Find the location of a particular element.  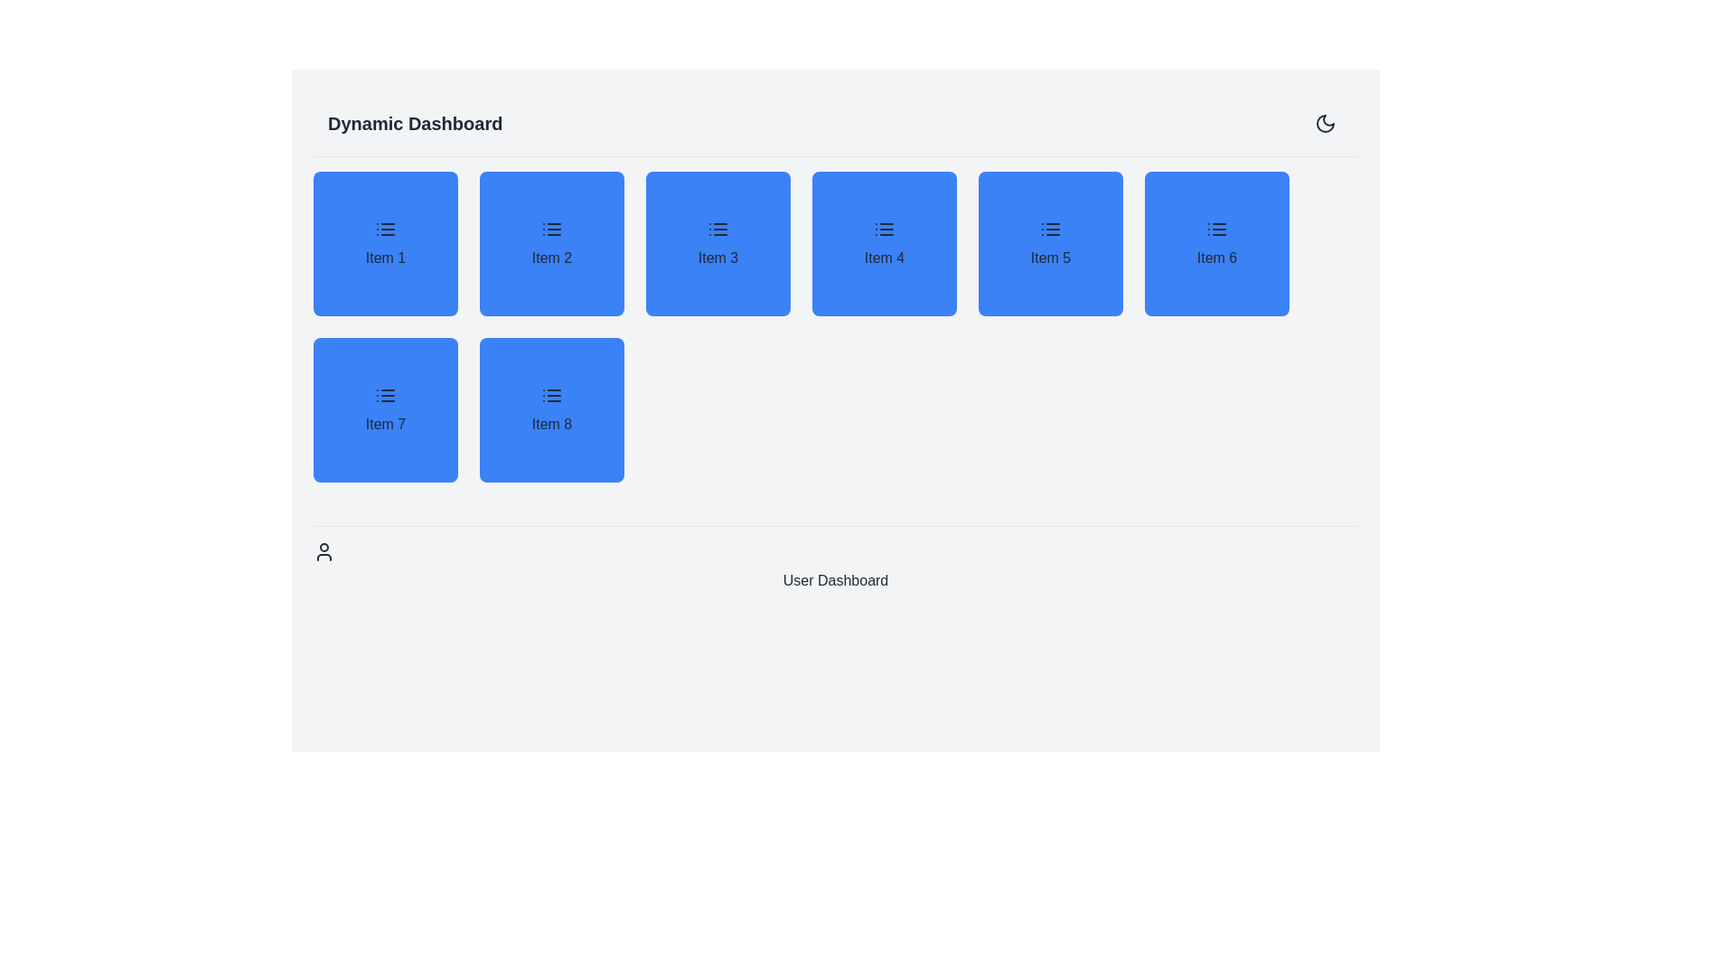

the header bar titled 'Dynamic Dashboard' to understand the dashboard context is located at coordinates (835, 123).